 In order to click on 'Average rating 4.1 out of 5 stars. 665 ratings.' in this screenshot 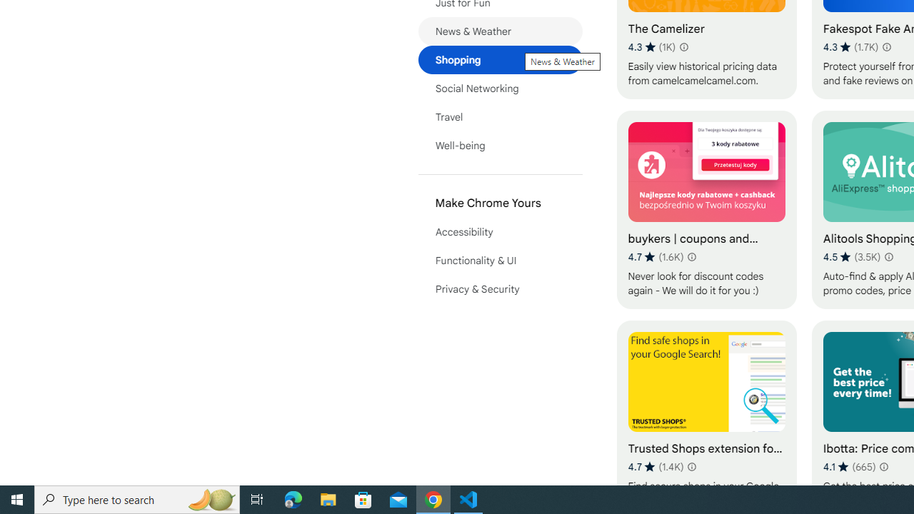, I will do `click(849, 466)`.